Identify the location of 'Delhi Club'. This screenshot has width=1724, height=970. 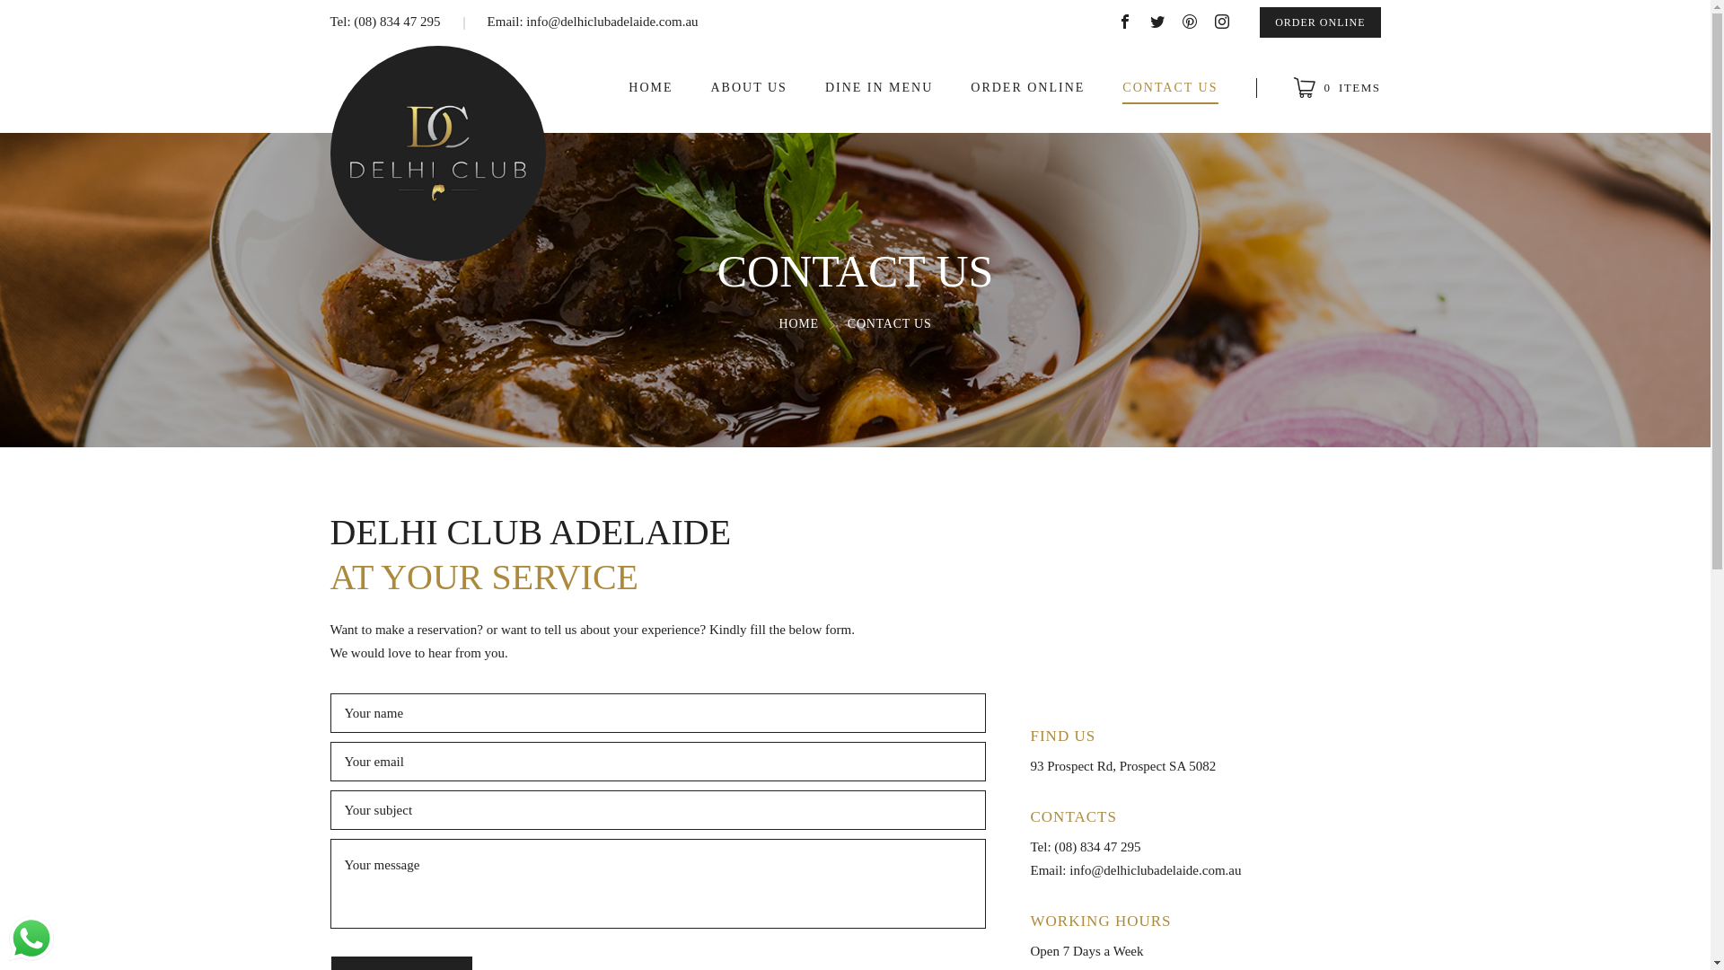
(438, 152).